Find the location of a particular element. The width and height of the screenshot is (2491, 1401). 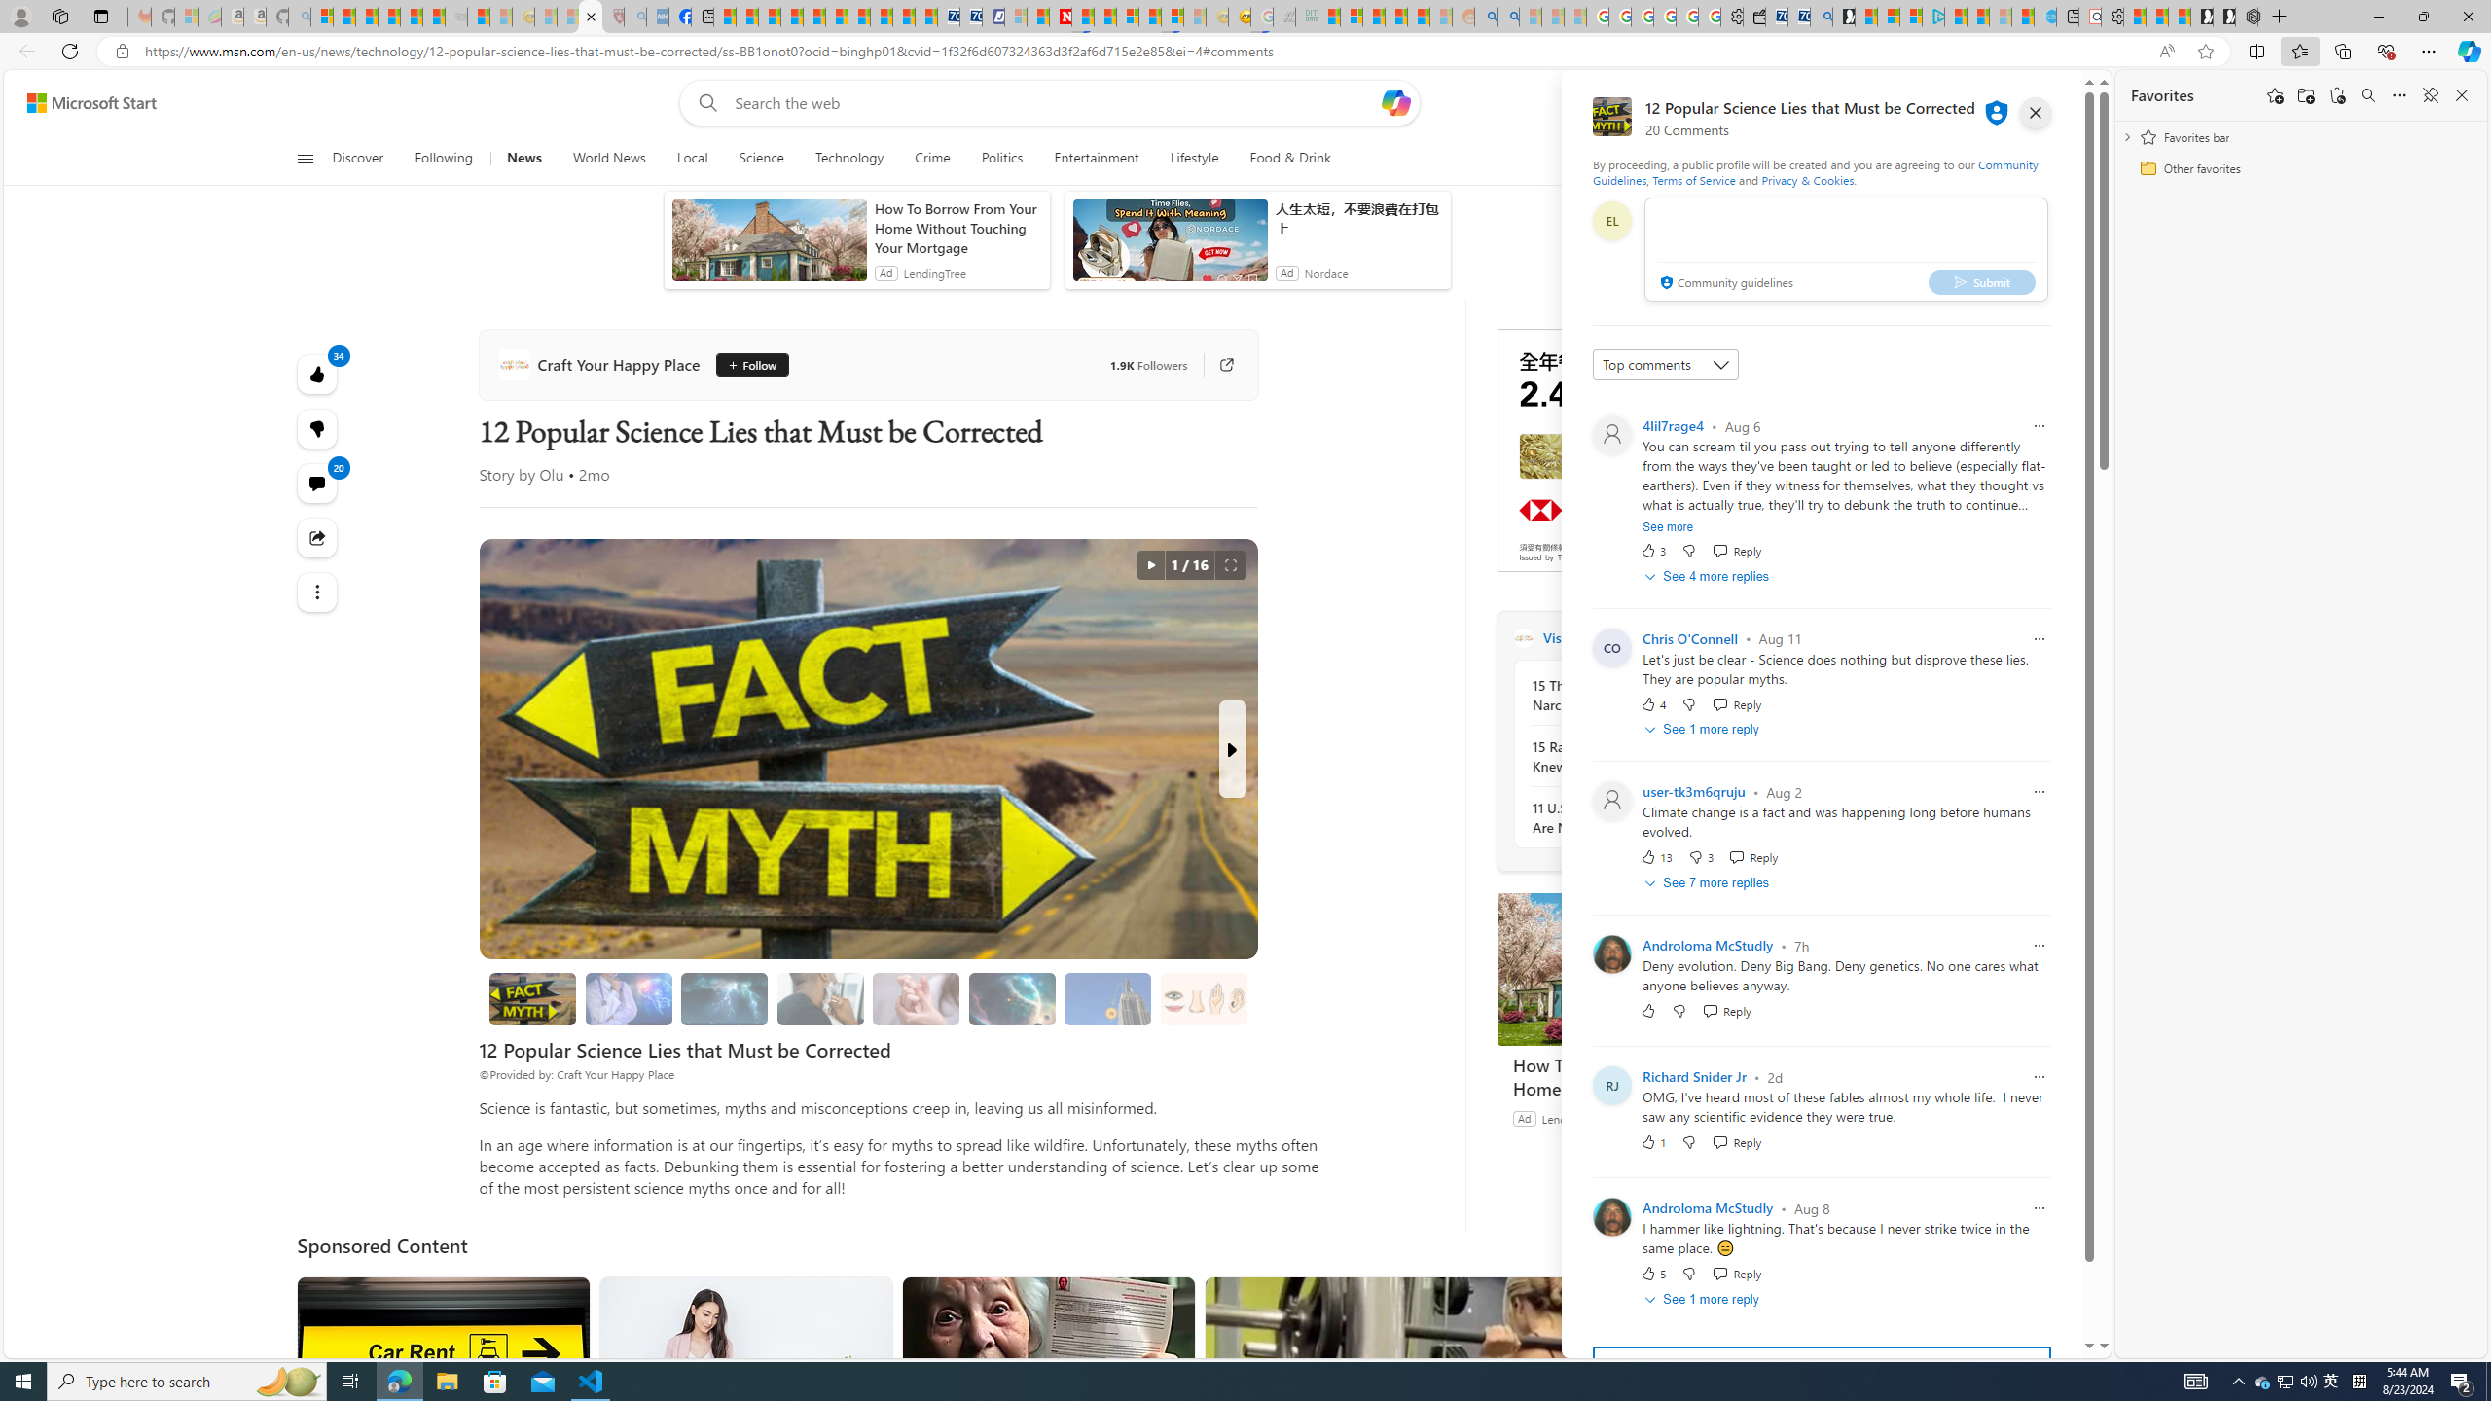

'Craft Your Happy Place' is located at coordinates (602, 365).